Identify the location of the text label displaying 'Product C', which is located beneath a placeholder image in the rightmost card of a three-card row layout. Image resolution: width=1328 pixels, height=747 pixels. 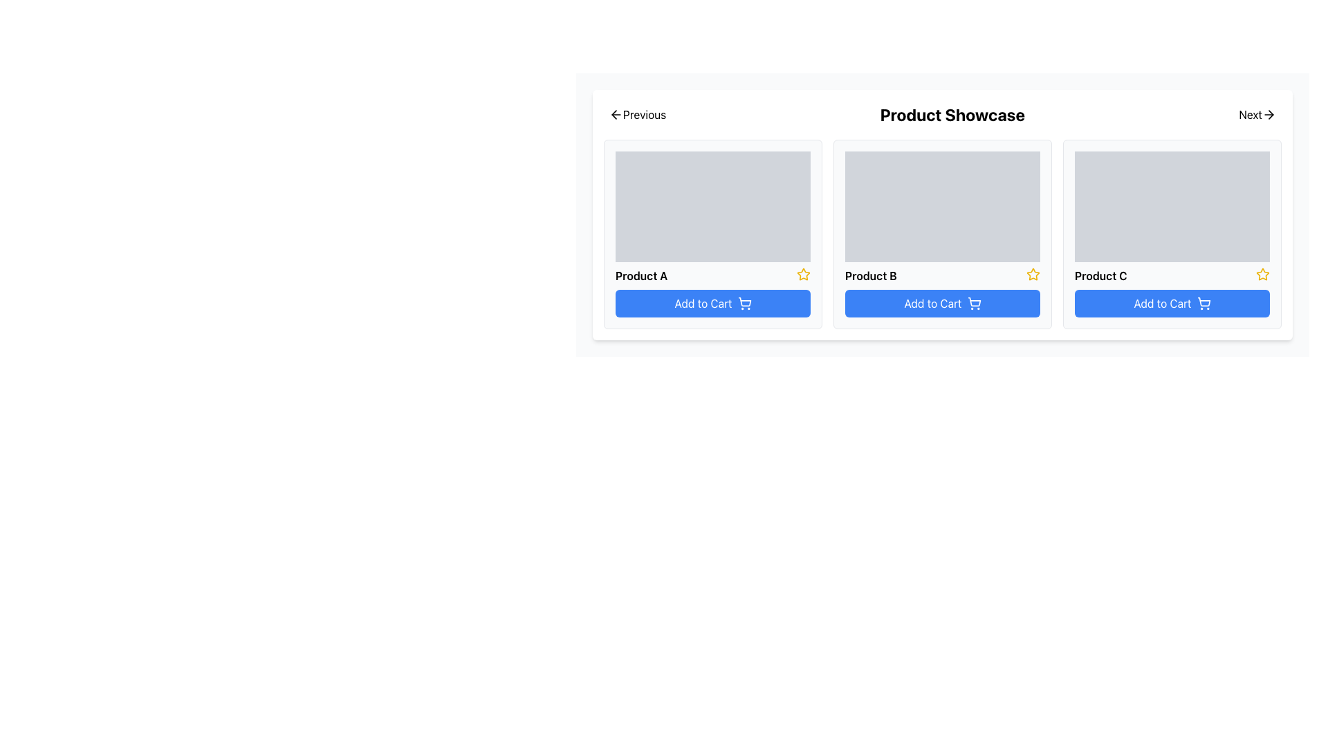
(1100, 275).